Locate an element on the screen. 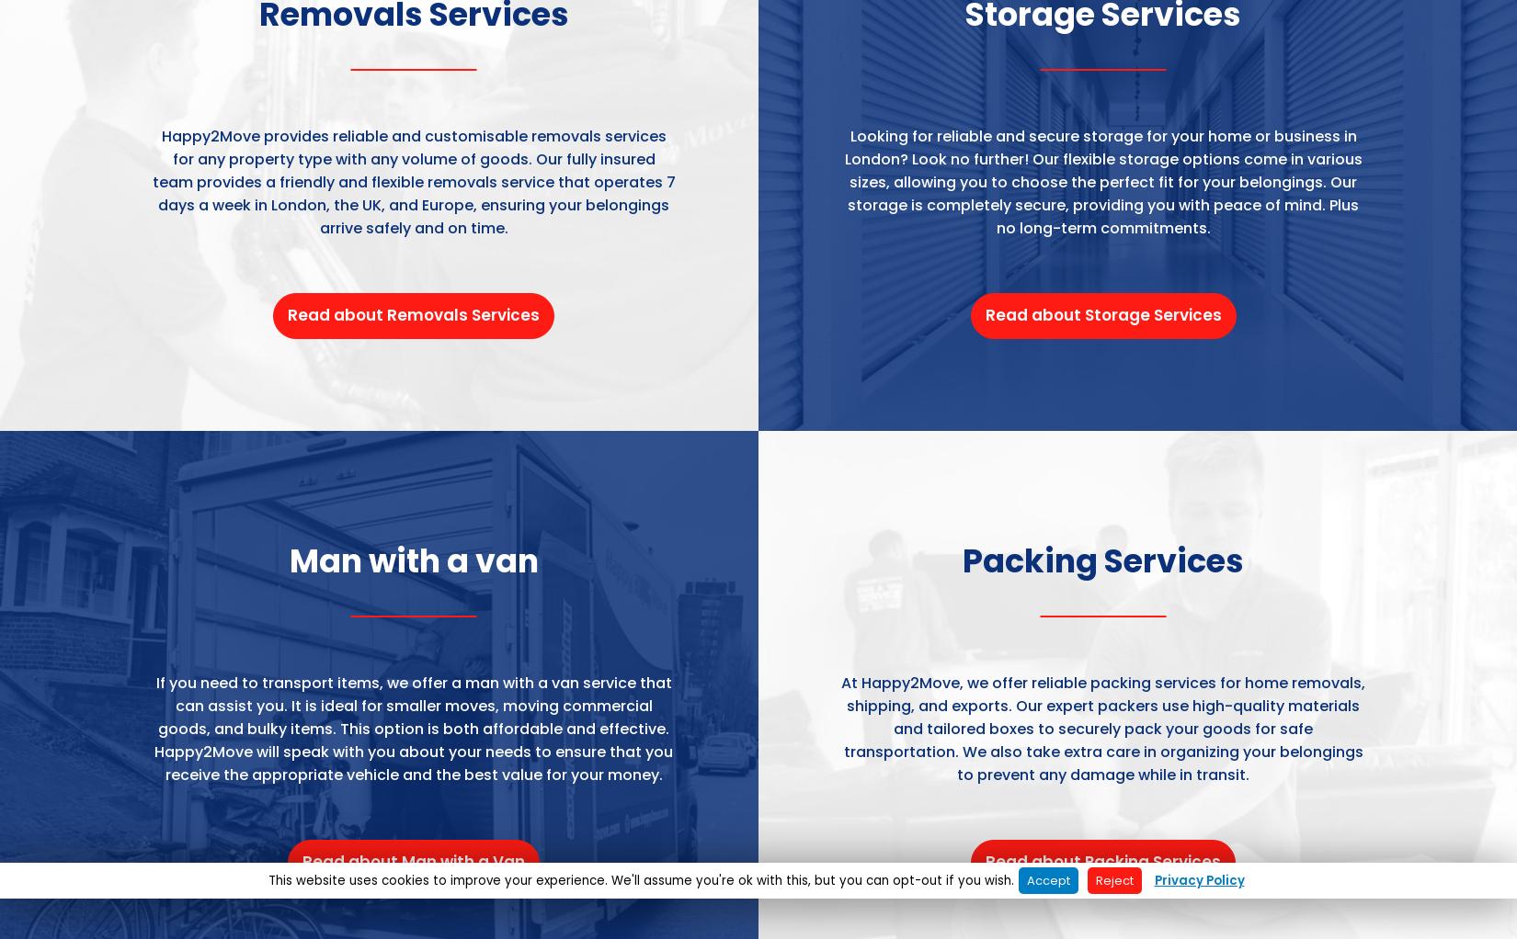 The height and width of the screenshot is (939, 1517). 'Man with a van' is located at coordinates (412, 560).